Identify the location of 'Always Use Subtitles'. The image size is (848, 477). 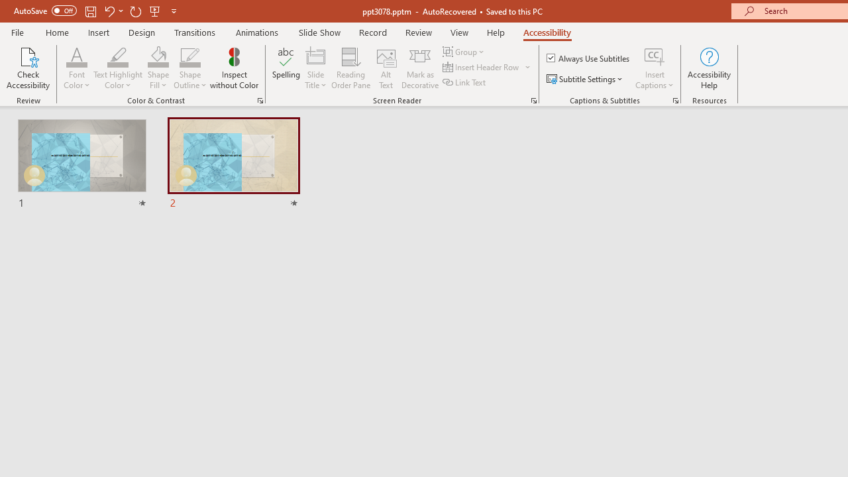
(588, 57).